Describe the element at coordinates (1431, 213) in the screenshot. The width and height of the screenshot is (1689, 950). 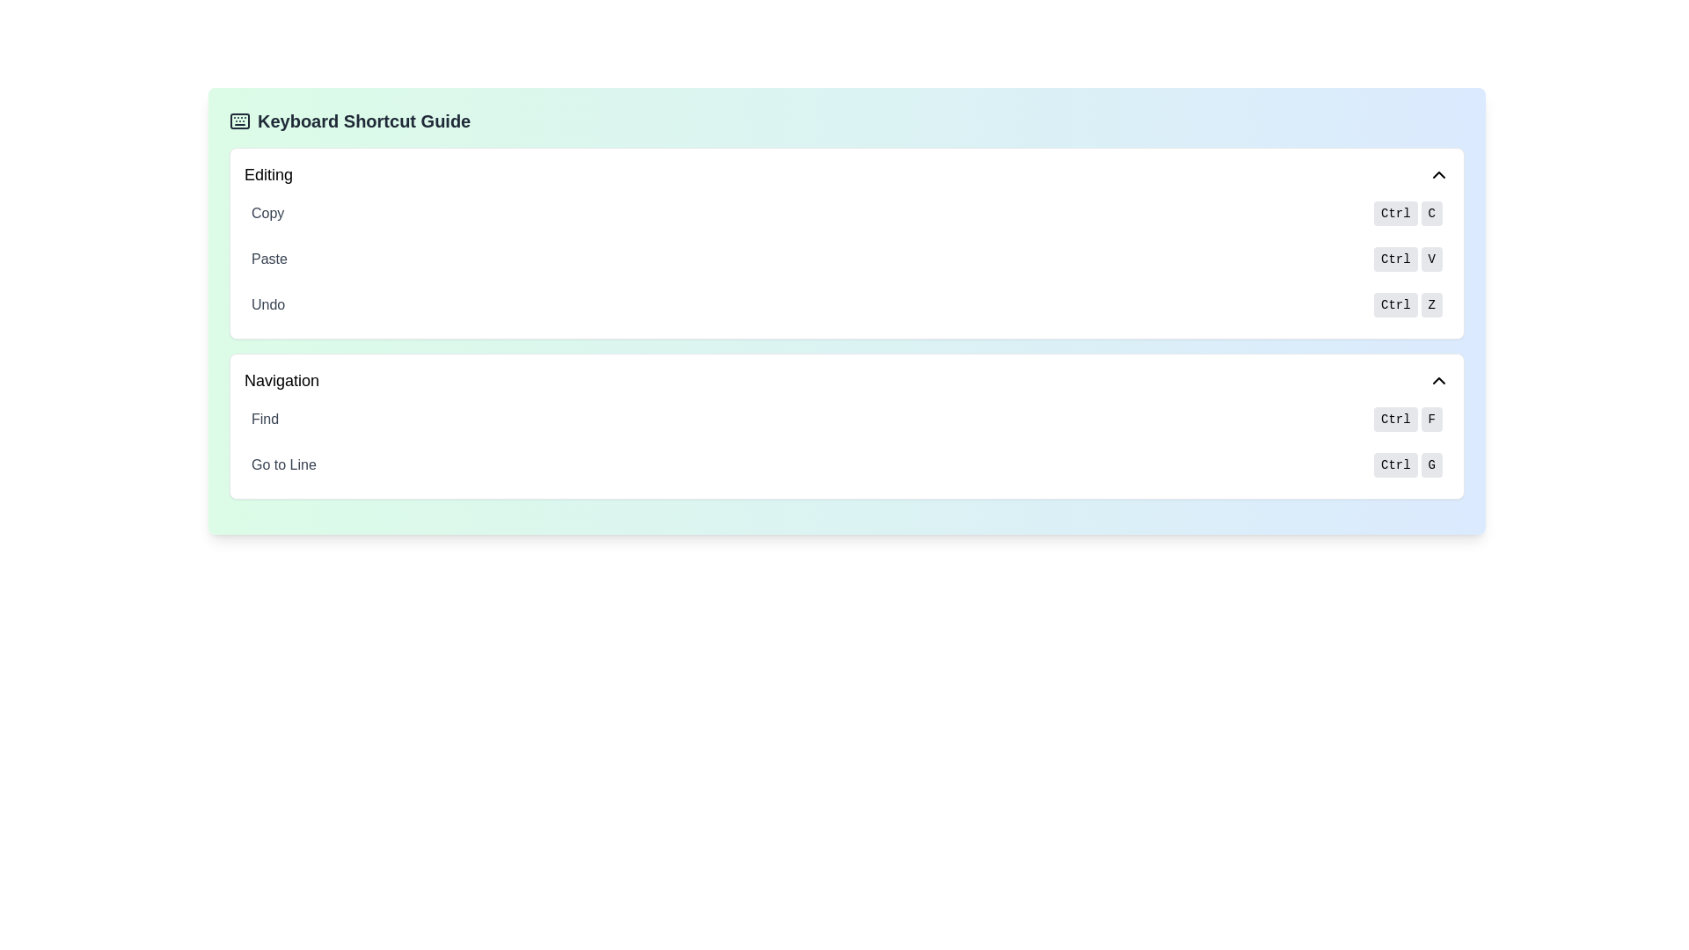
I see `the 'C' key representation in the keyboard shortcut for 'Copy', which is part of a group with 'Ctrl' on the right side of the 'Copy' section in the 'Editing' category` at that location.